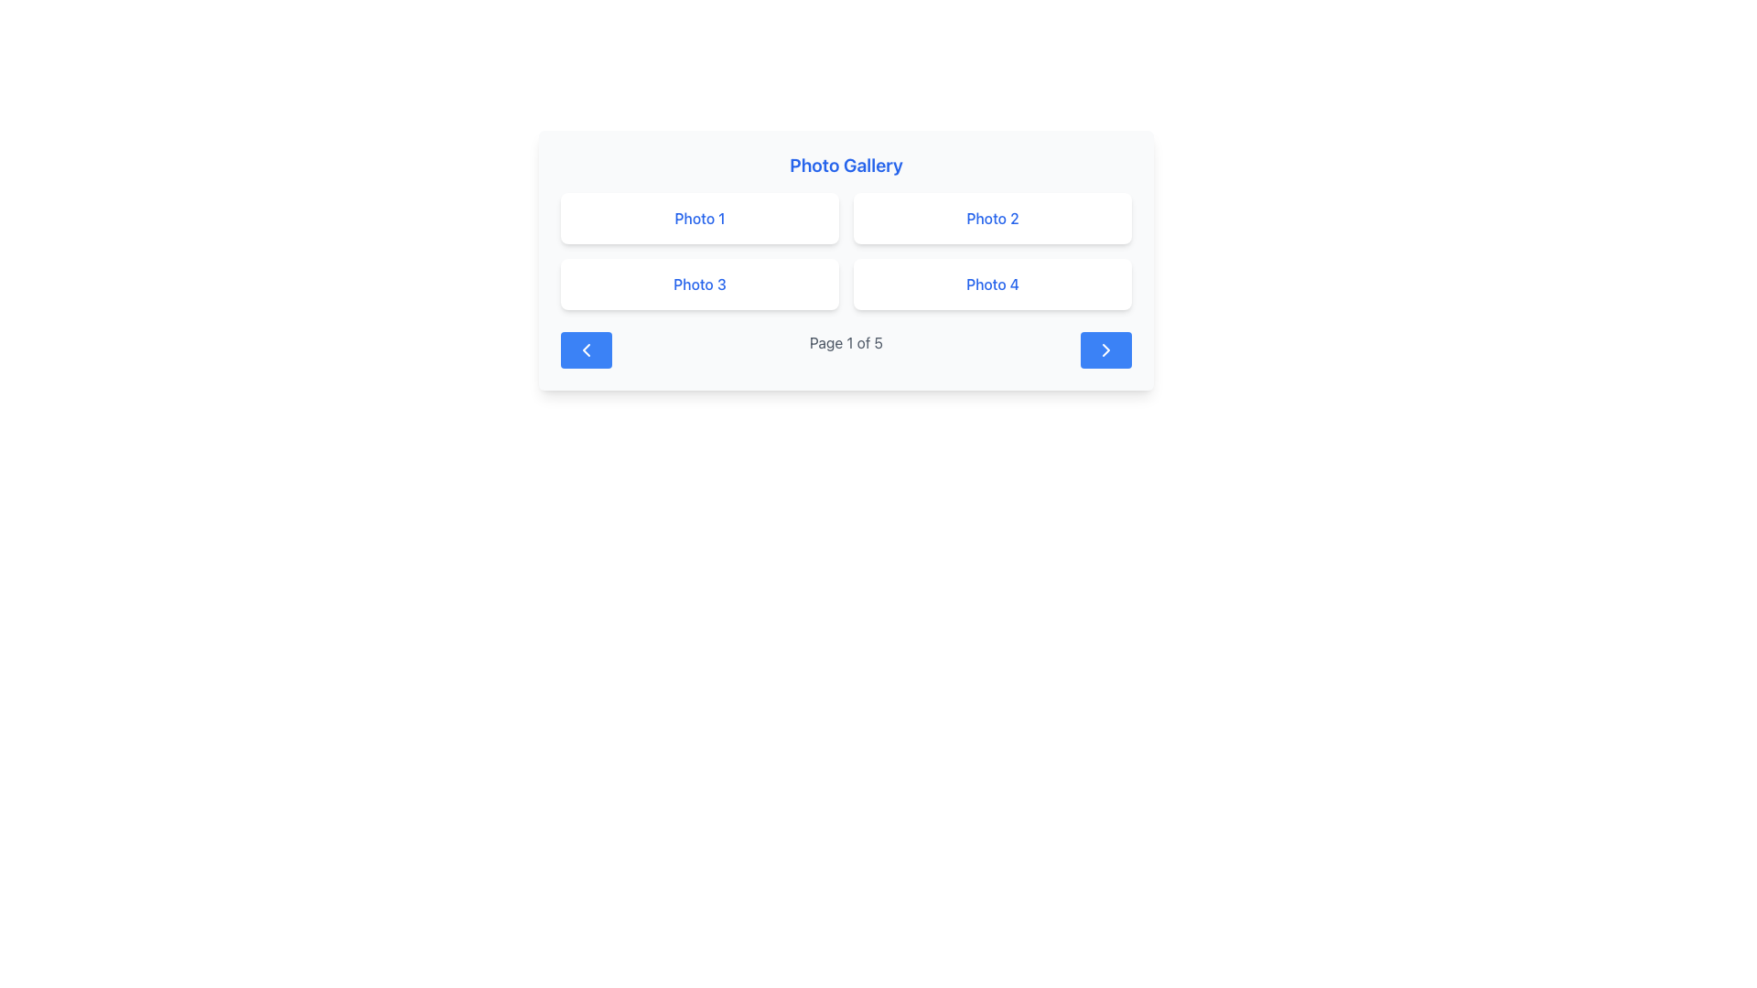 Image resolution: width=1757 pixels, height=988 pixels. What do you see at coordinates (846, 349) in the screenshot?
I see `the text label displaying 'Page 1 of 5' located in the center of the navigation bar to indicate the user's current position within the paginated set` at bounding box center [846, 349].